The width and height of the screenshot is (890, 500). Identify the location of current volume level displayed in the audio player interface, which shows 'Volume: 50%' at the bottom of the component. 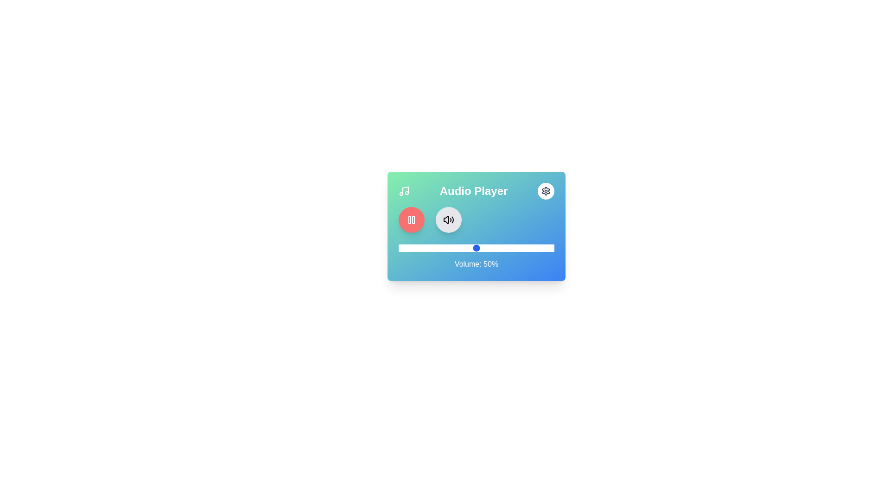
(476, 226).